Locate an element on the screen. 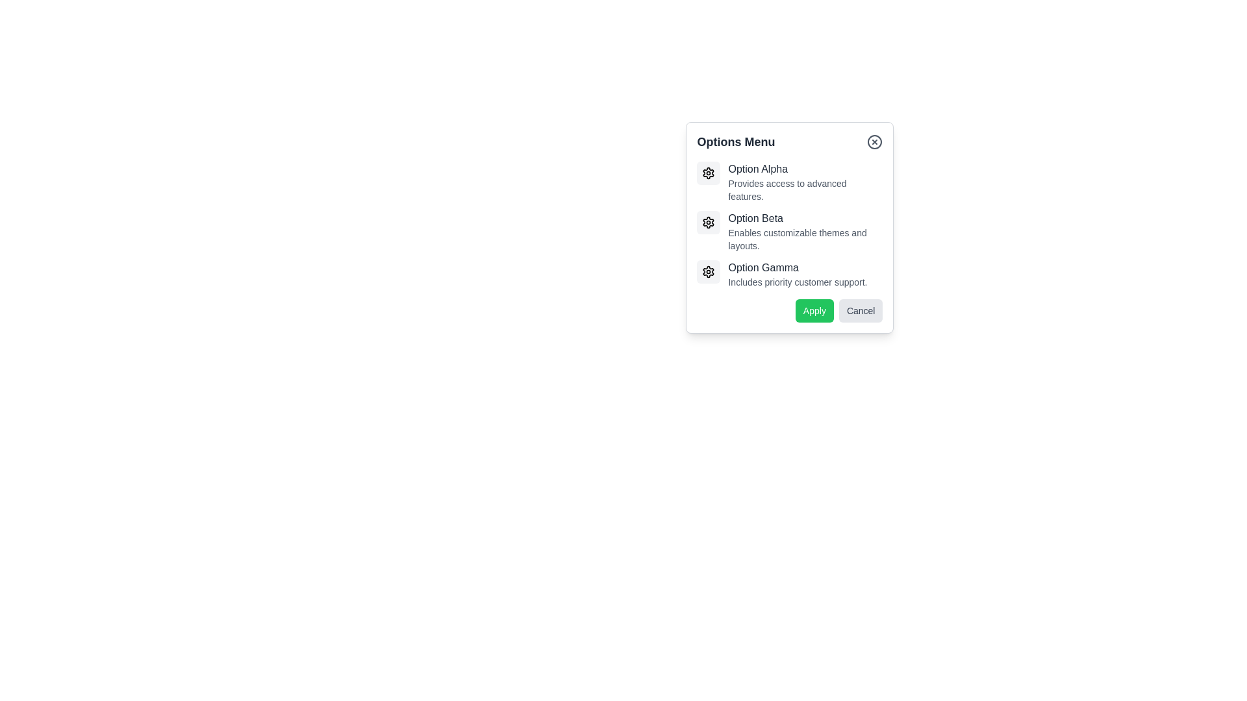 The height and width of the screenshot is (701, 1247). the gear icon representing 'Option Beta' in the menu is located at coordinates (708, 222).